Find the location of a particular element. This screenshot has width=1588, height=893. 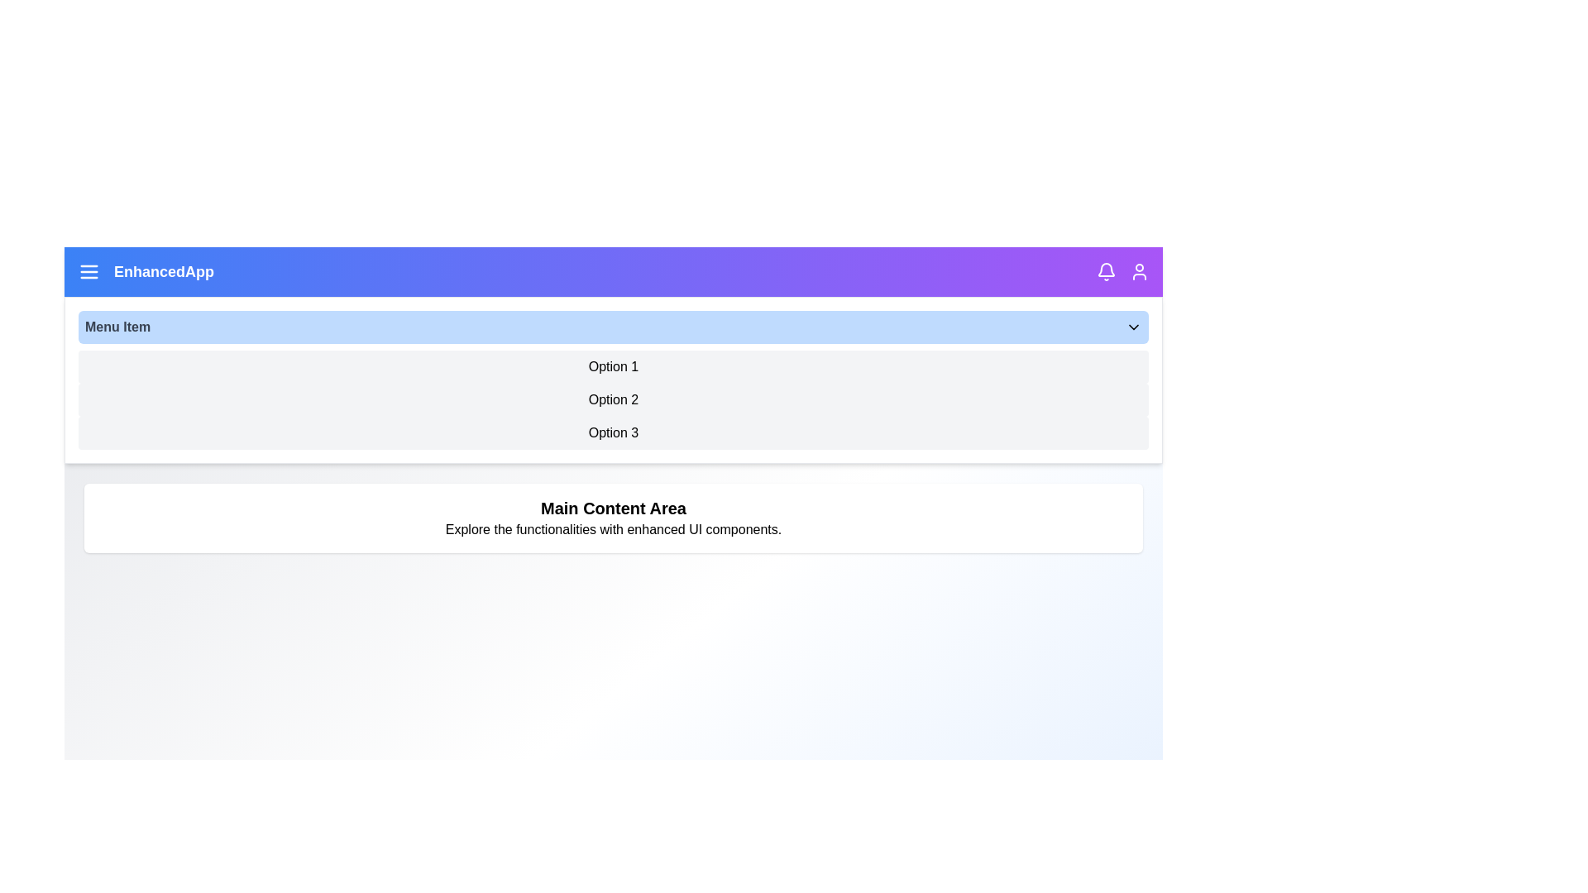

the dropdown option Option 2 is located at coordinates (613, 399).